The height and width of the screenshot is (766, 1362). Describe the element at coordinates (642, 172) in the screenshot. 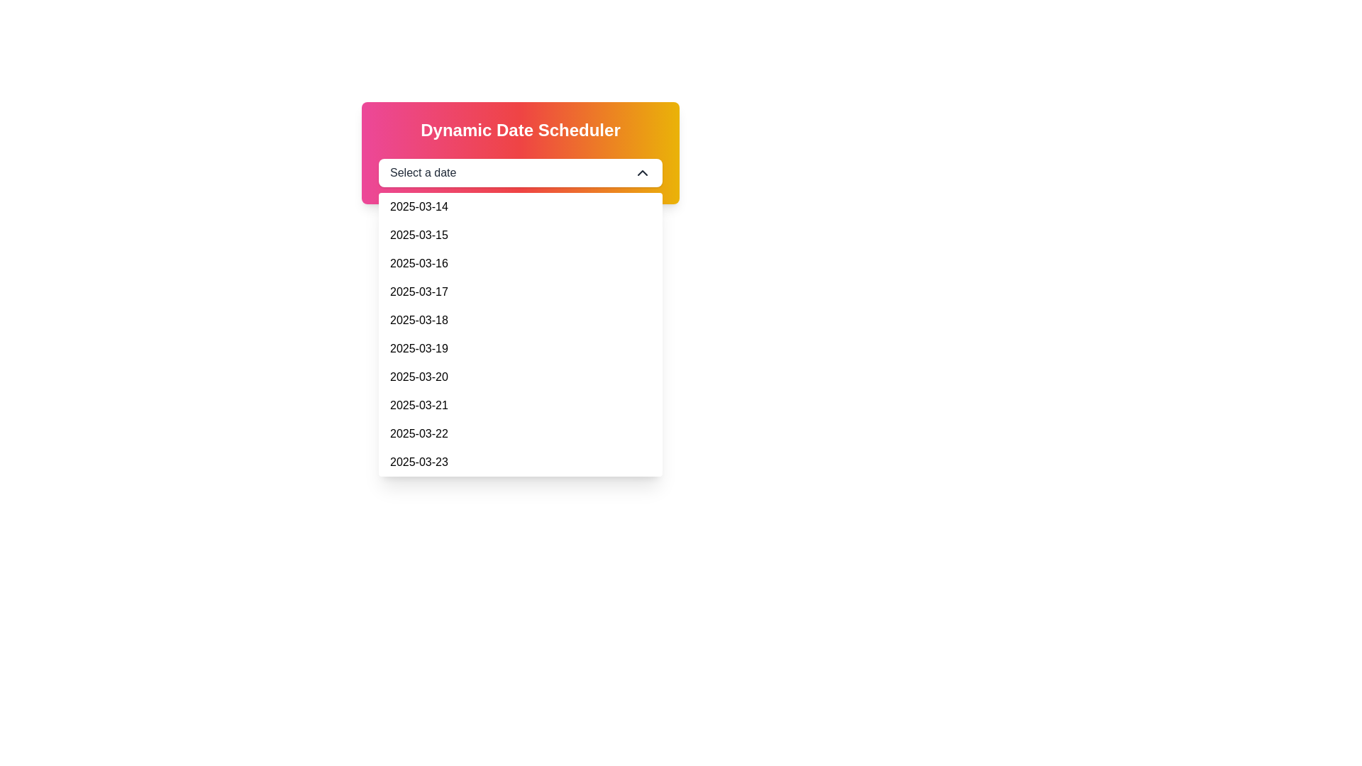

I see `the toggle button icon in the top-right corner of the 'Select a date' input field` at that location.